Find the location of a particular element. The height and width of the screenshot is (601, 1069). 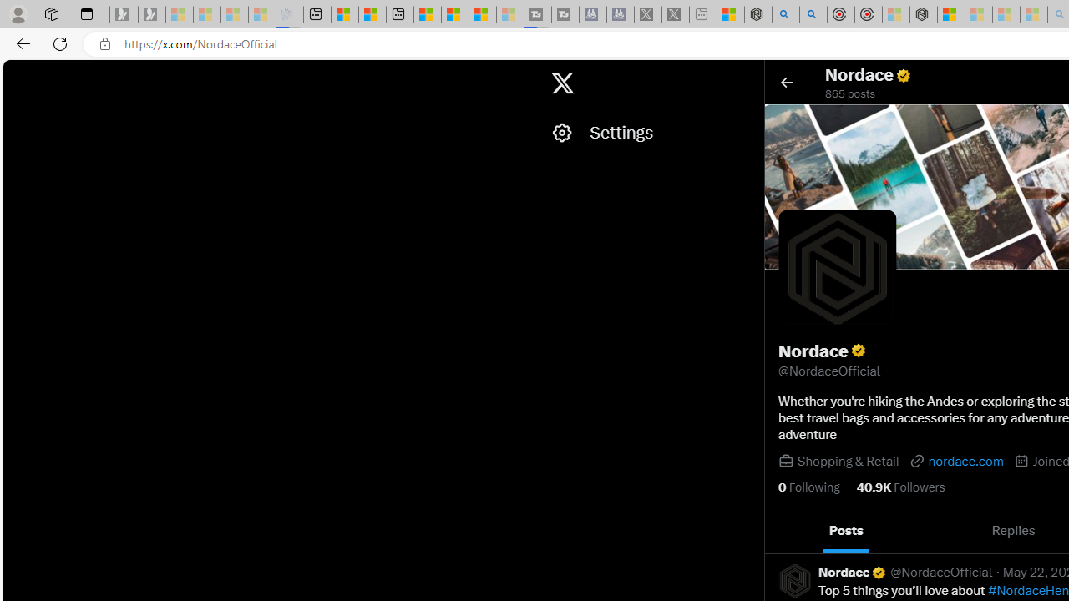

'Square profile picture' is located at coordinates (793, 579).